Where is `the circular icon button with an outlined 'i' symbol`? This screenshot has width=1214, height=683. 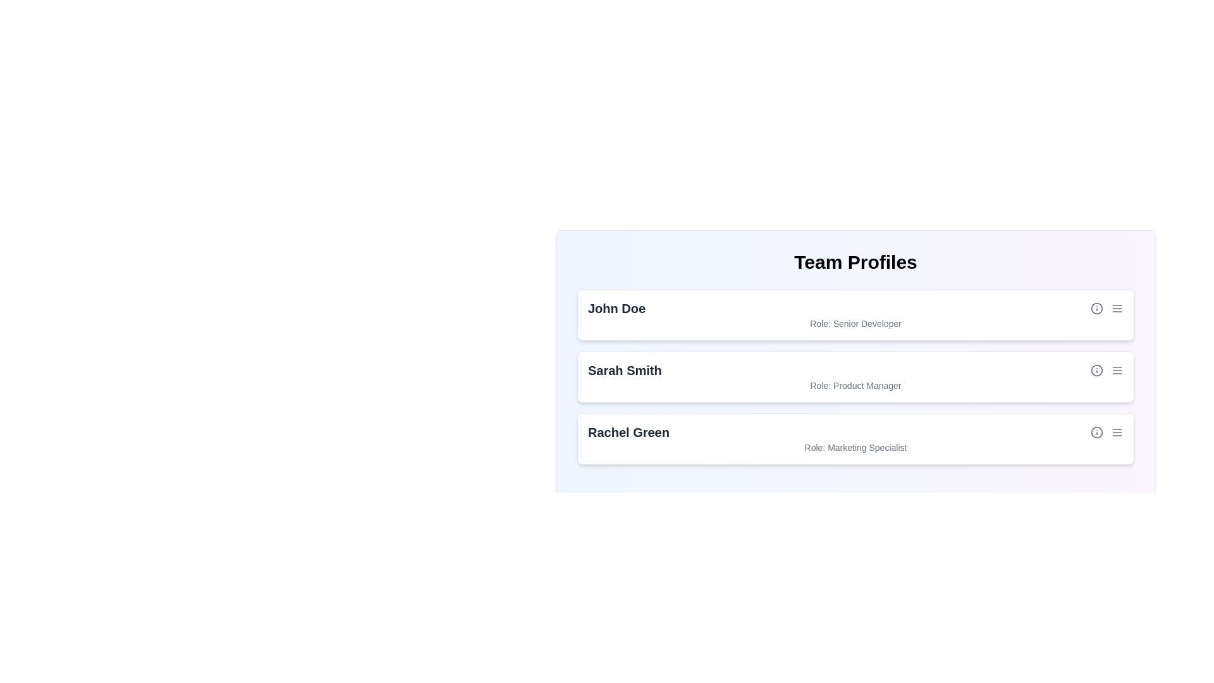
the circular icon button with an outlined 'i' symbol is located at coordinates (1096, 431).